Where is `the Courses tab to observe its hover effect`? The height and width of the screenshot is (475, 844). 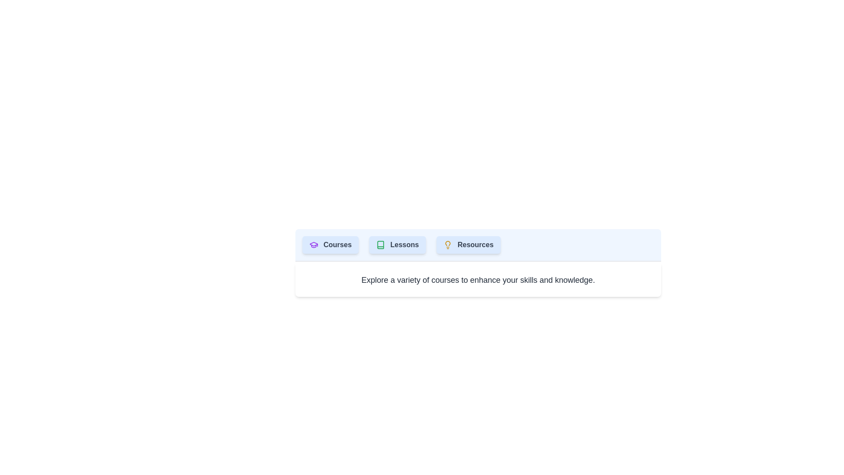
the Courses tab to observe its hover effect is located at coordinates (330, 245).